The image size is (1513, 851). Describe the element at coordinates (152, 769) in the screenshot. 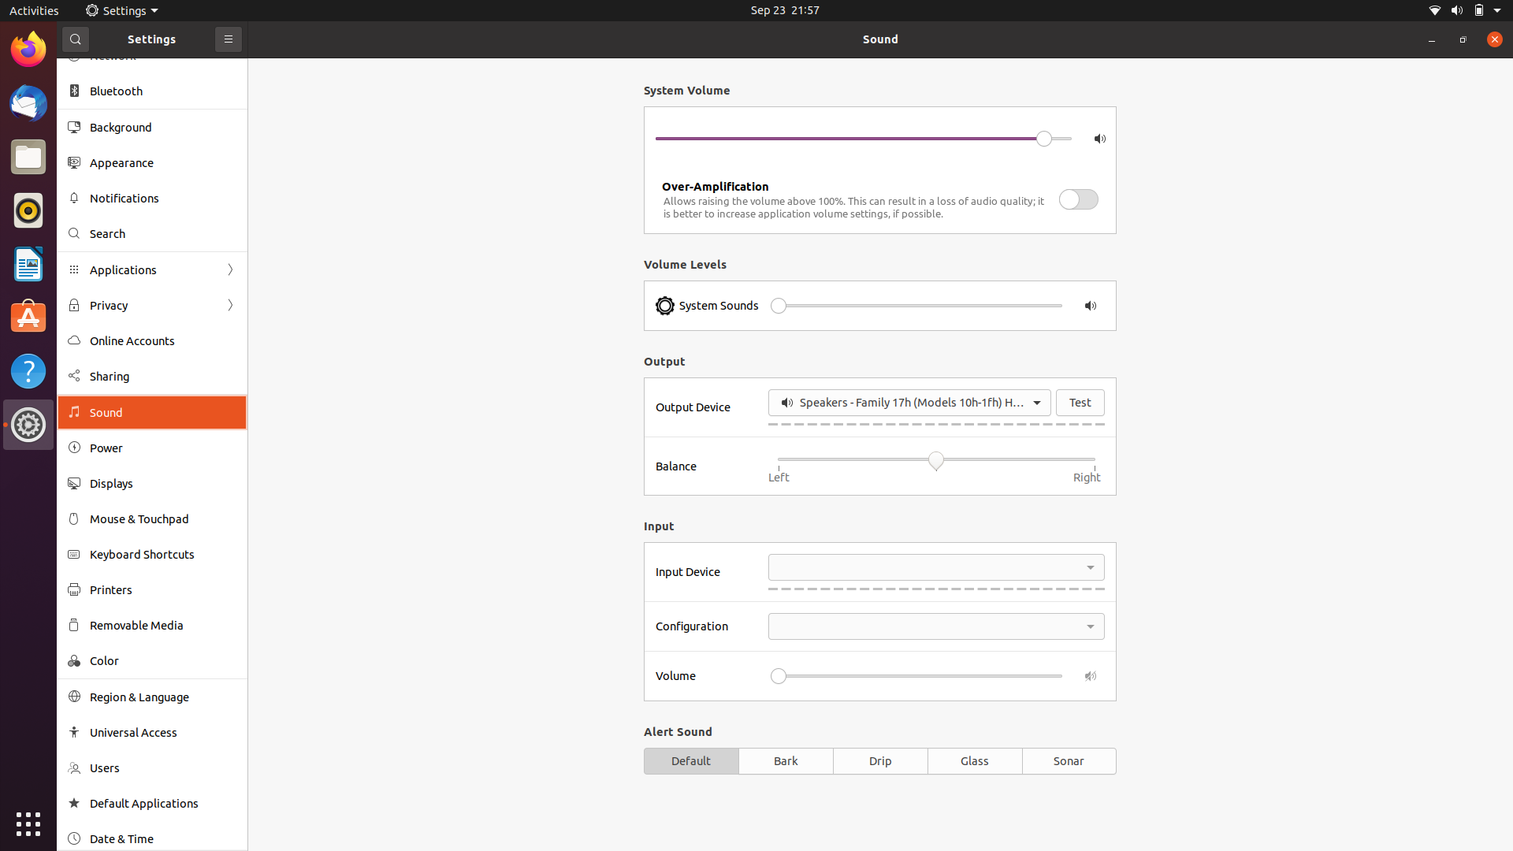

I see `Users to open settings` at that location.